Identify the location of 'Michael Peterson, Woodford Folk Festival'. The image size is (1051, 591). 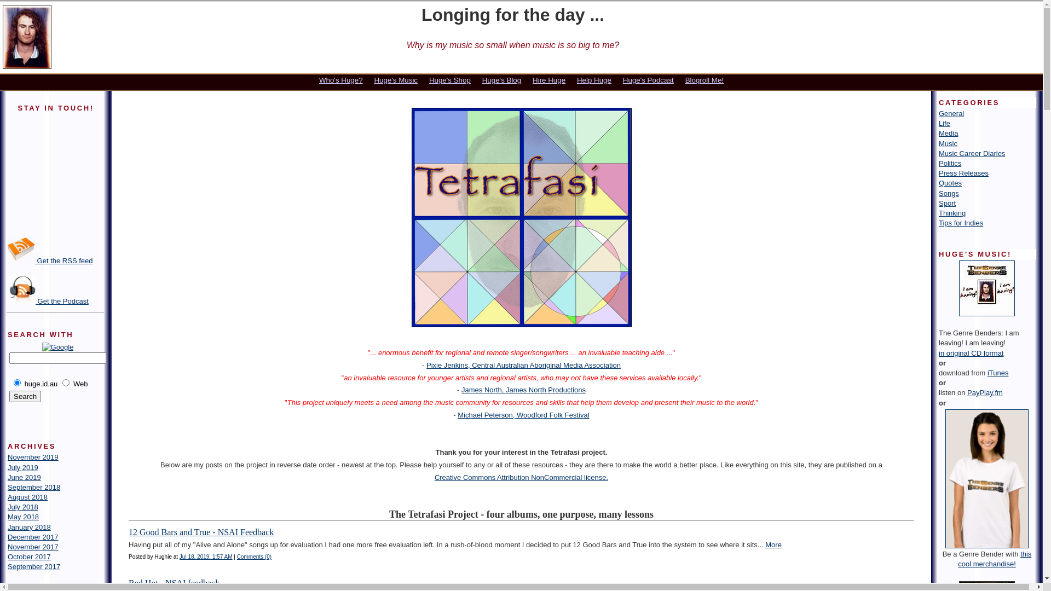
(457, 415).